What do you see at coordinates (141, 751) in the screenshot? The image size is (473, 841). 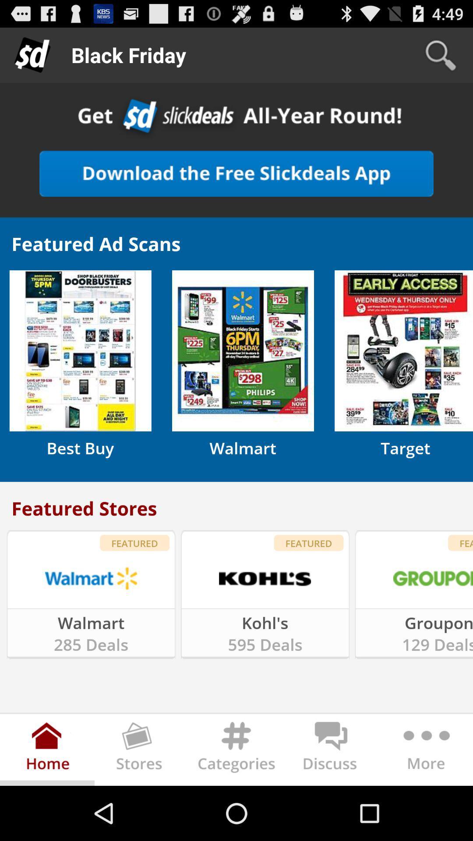 I see `find stores` at bounding box center [141, 751].